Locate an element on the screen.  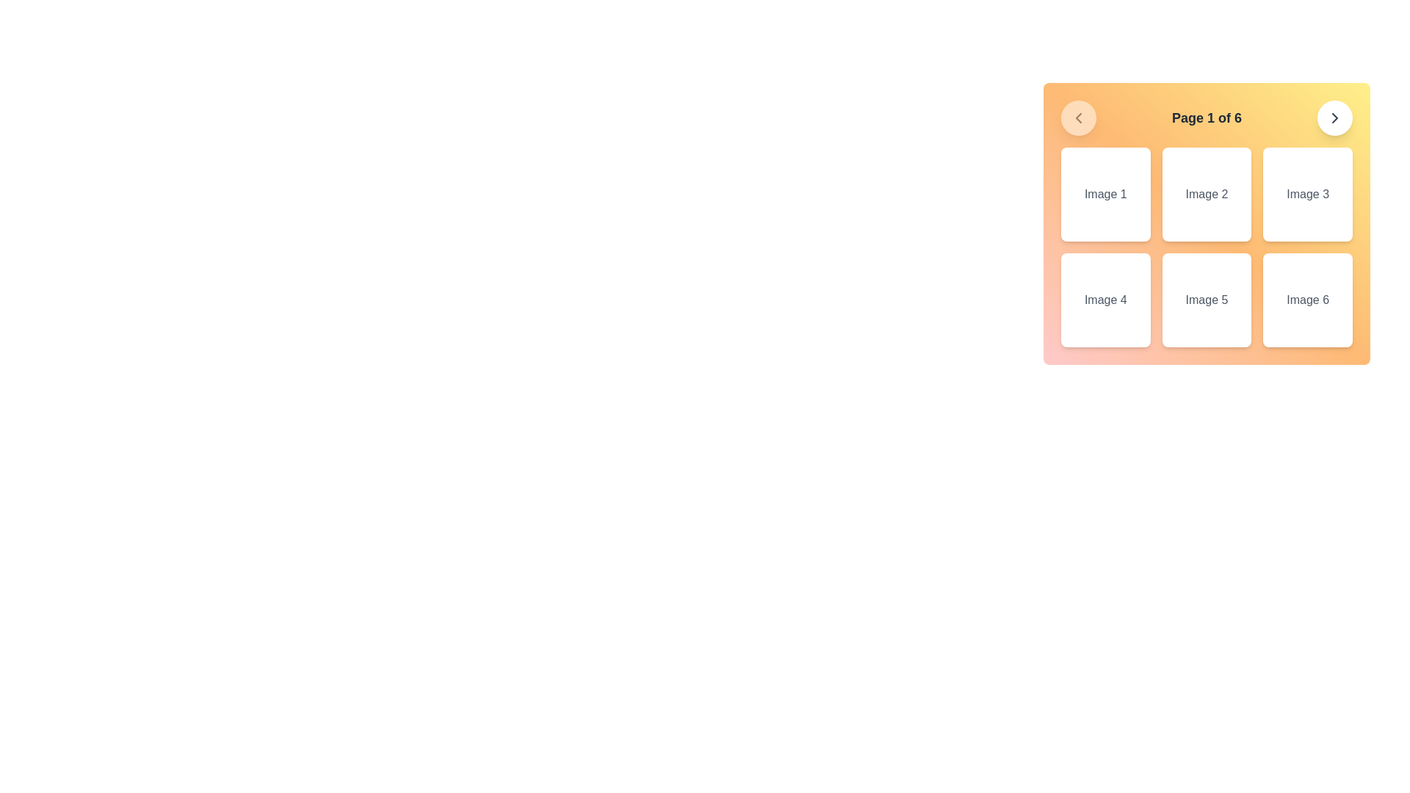
the second image block in the grid layout, which is the grid item displaying 'Image 2' is located at coordinates (1207, 223).